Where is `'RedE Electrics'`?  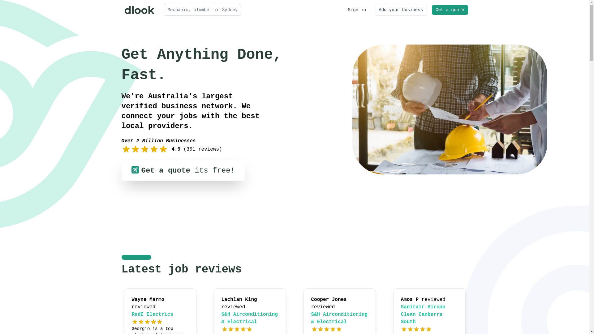 'RedE Electrics' is located at coordinates (153, 315).